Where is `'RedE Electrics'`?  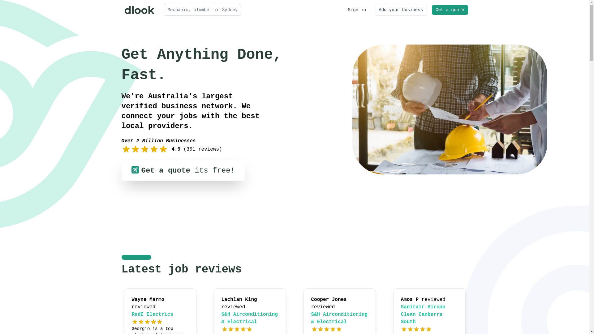 'RedE Electrics' is located at coordinates (153, 315).